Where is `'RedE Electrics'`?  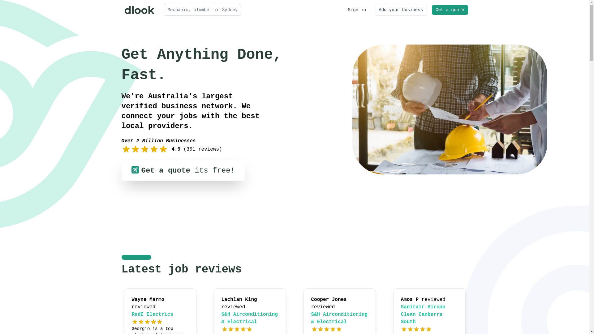 'RedE Electrics' is located at coordinates (153, 315).